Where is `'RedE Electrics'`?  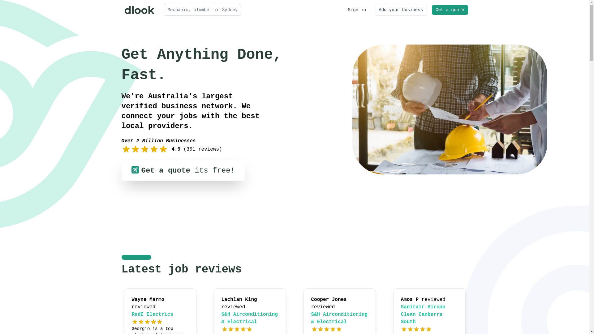 'RedE Electrics' is located at coordinates (153, 315).